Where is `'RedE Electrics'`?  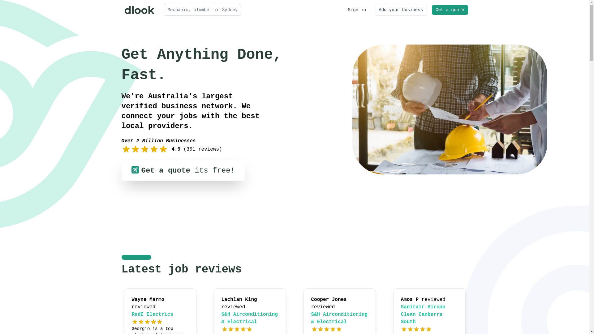 'RedE Electrics' is located at coordinates (153, 315).